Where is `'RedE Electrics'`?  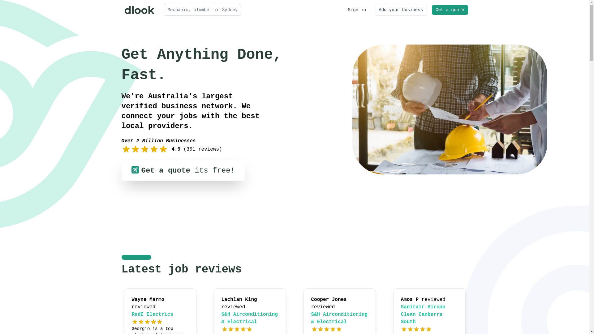 'RedE Electrics' is located at coordinates (153, 315).